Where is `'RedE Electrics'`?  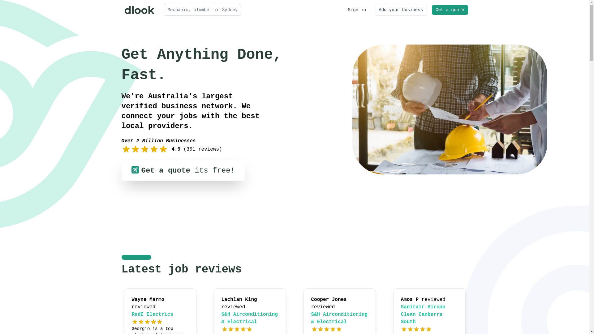 'RedE Electrics' is located at coordinates (153, 315).